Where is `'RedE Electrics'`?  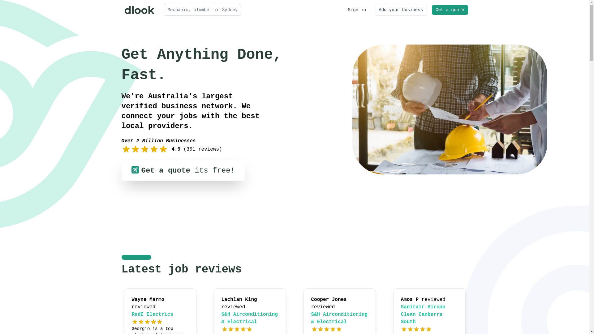 'RedE Electrics' is located at coordinates (153, 315).